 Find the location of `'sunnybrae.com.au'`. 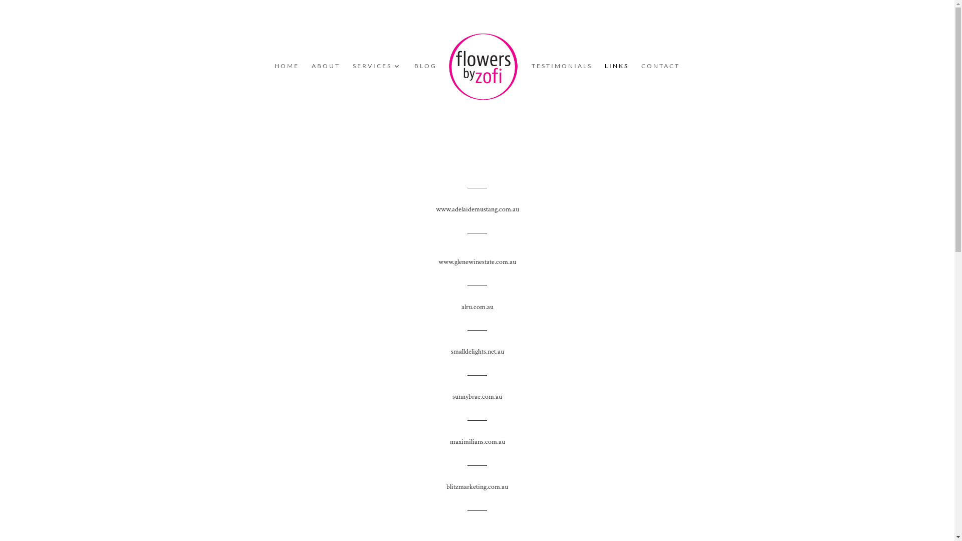

'sunnybrae.com.au' is located at coordinates (476, 396).